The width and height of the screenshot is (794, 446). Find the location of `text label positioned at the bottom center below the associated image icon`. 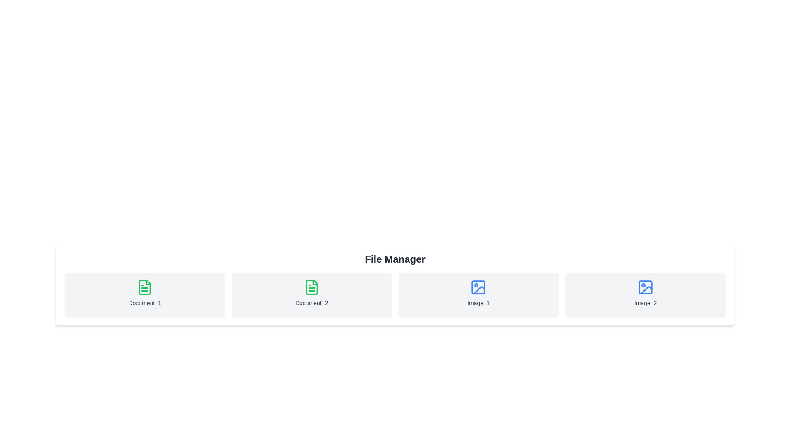

text label positioned at the bottom center below the associated image icon is located at coordinates (478, 303).